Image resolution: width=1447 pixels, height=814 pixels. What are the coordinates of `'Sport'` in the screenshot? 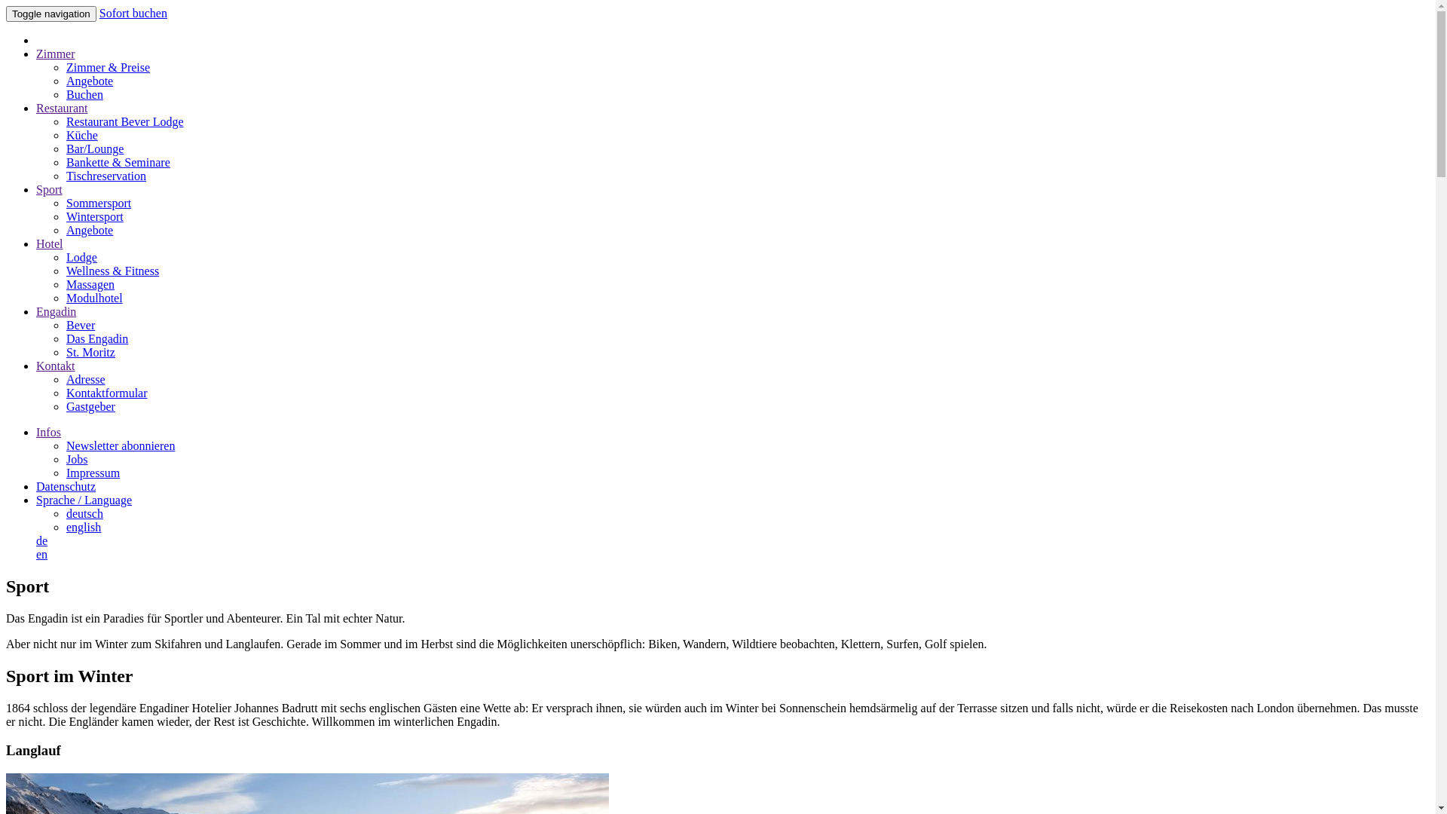 It's located at (49, 188).